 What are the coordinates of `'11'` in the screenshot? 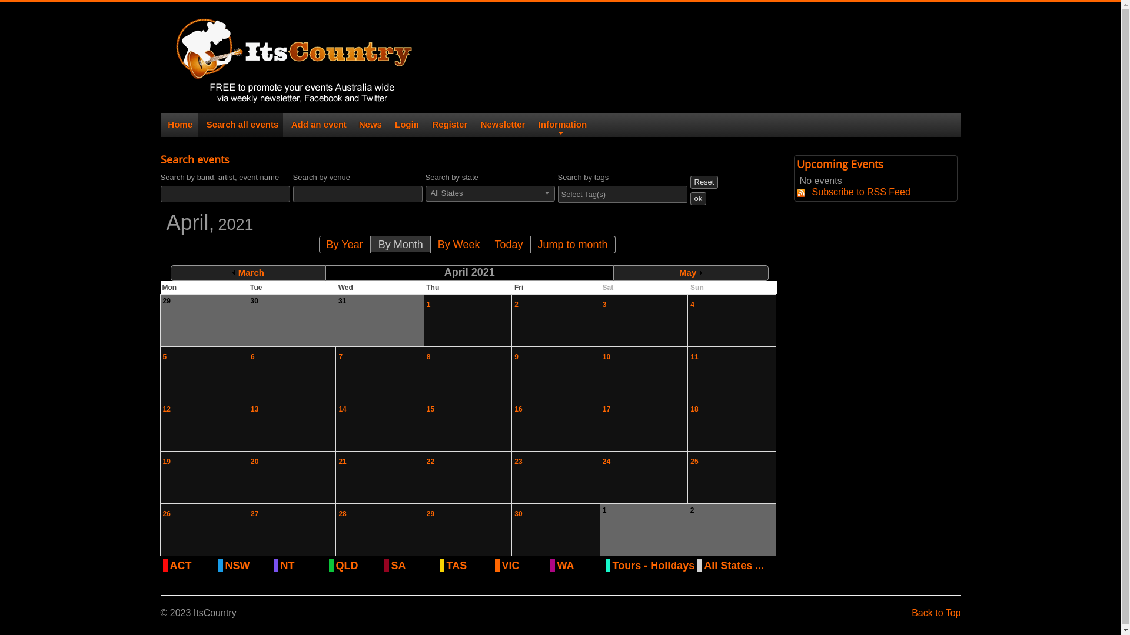 It's located at (694, 356).